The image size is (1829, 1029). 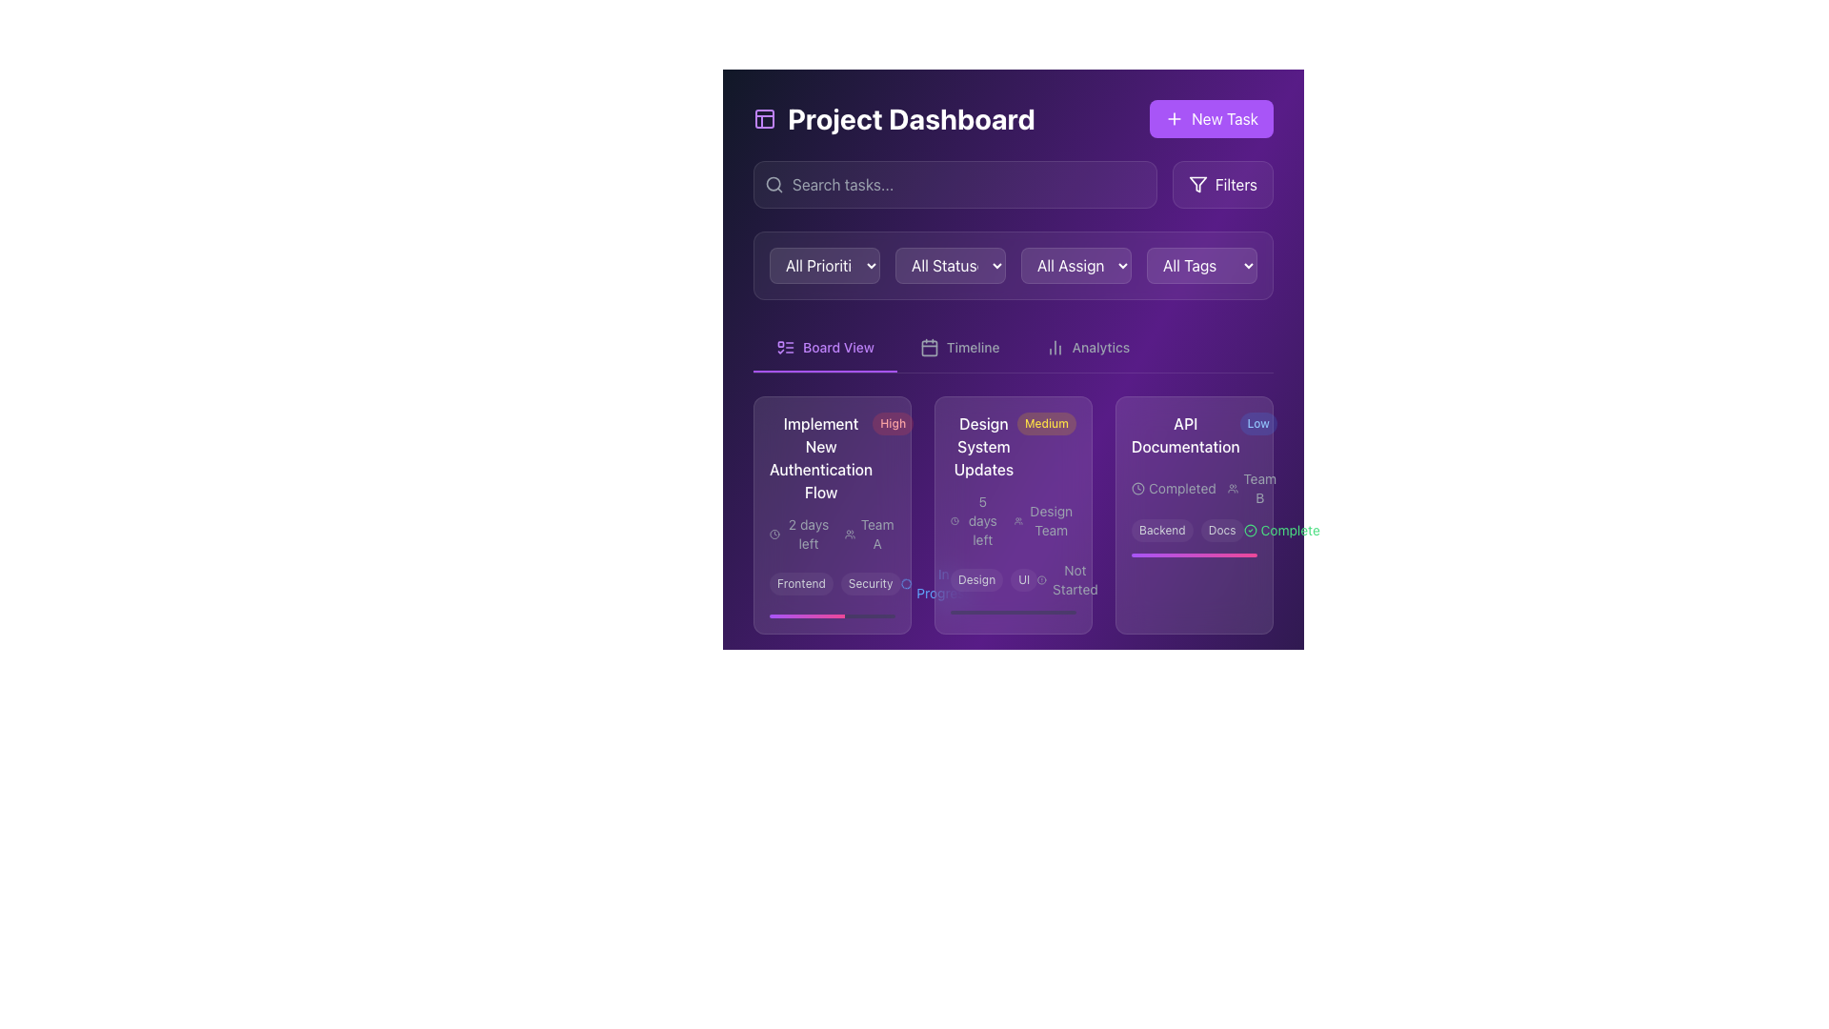 I want to click on the 'Frontend' tag located at the bottom of the card labeled 'Implement New Authentication Flow' in the 'Project Dashboard', so click(x=832, y=583).